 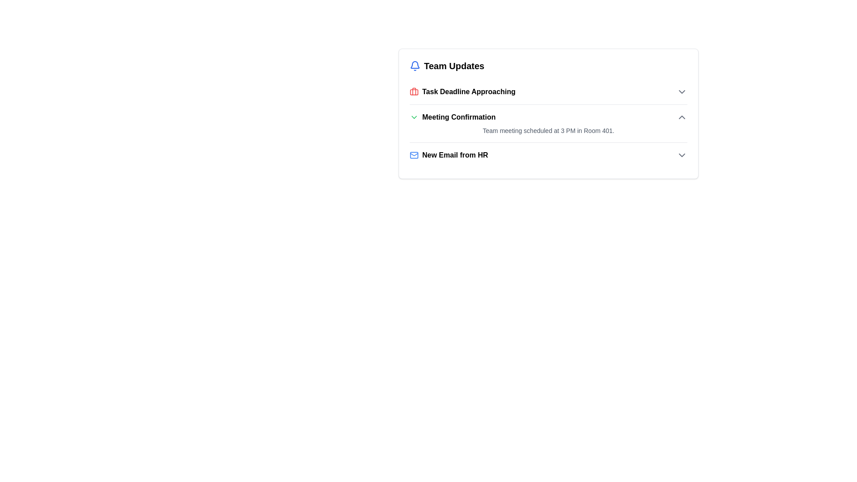 I want to click on the text label that displays 'New Email from HR', which is located next to an email icon in the bottom section of the 'Team Updates' list, so click(x=455, y=154).